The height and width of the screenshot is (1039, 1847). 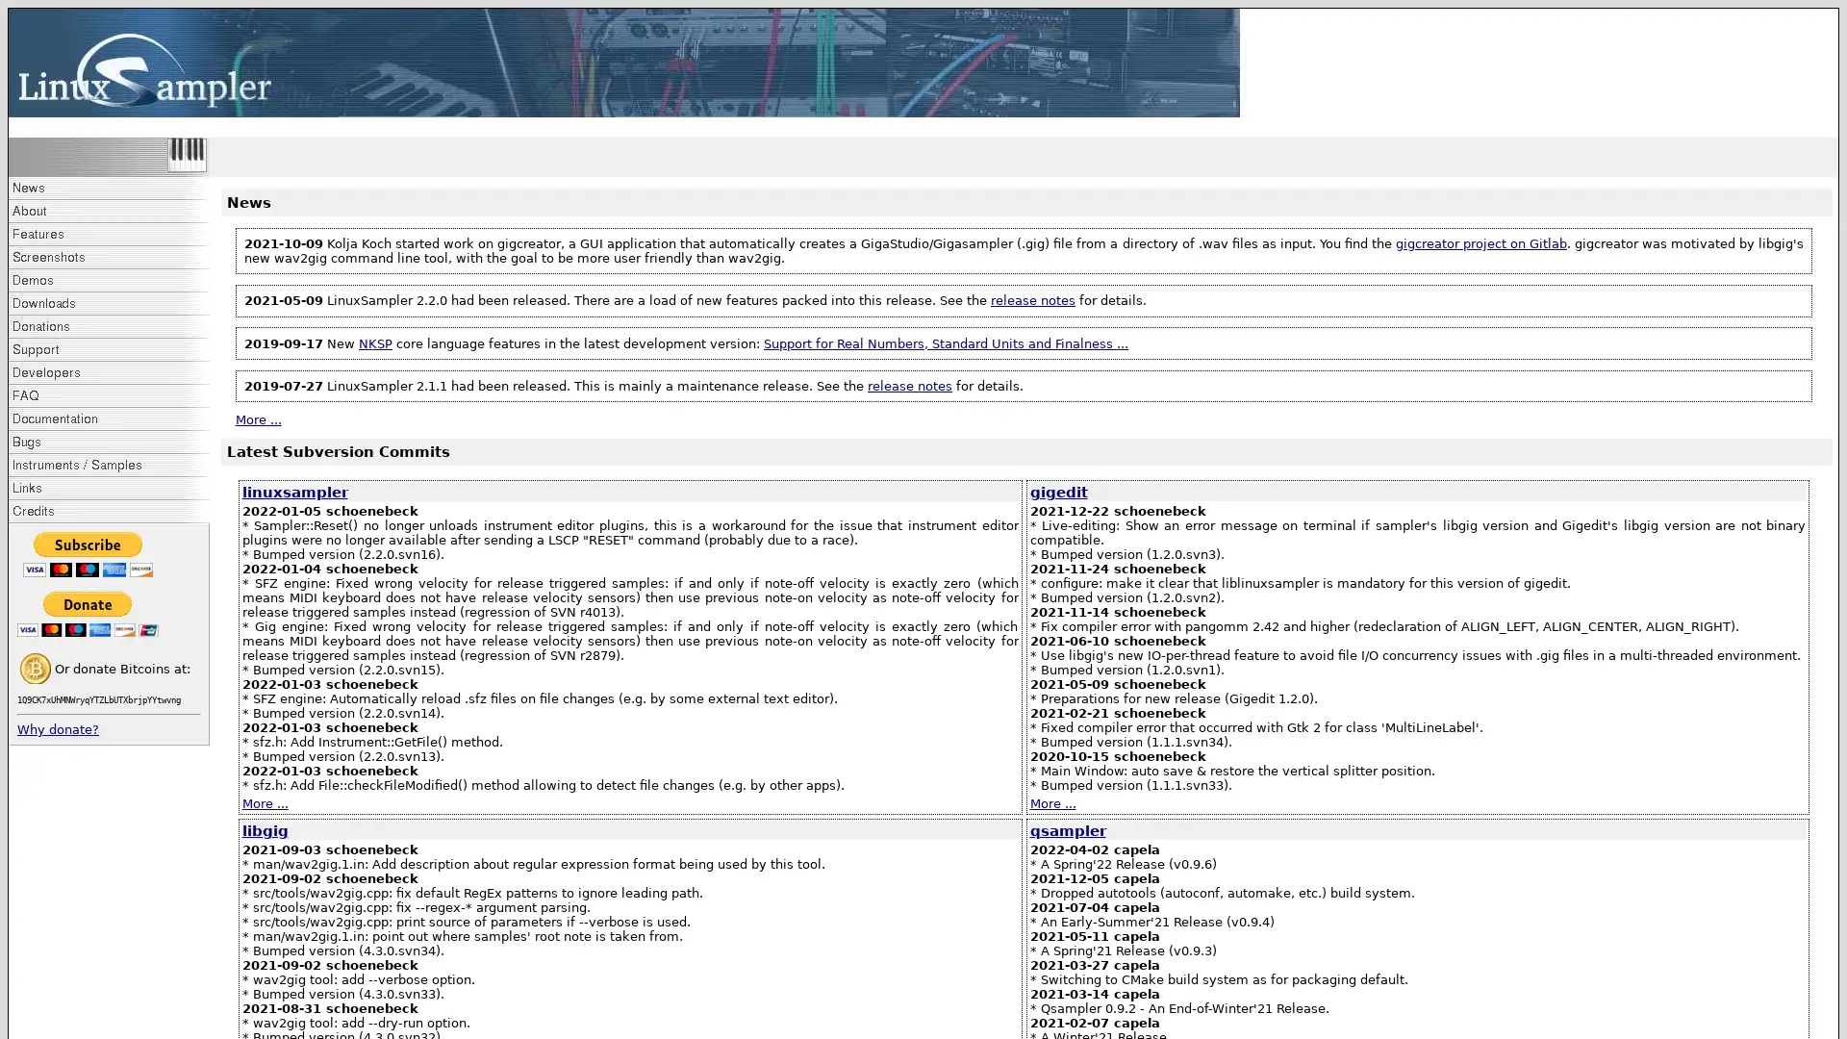 I want to click on PayPal - The safer, easier way to pay online!, so click(x=86, y=613).